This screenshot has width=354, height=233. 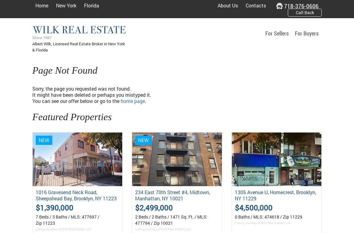 I want to click on 'Home', so click(x=35, y=5).